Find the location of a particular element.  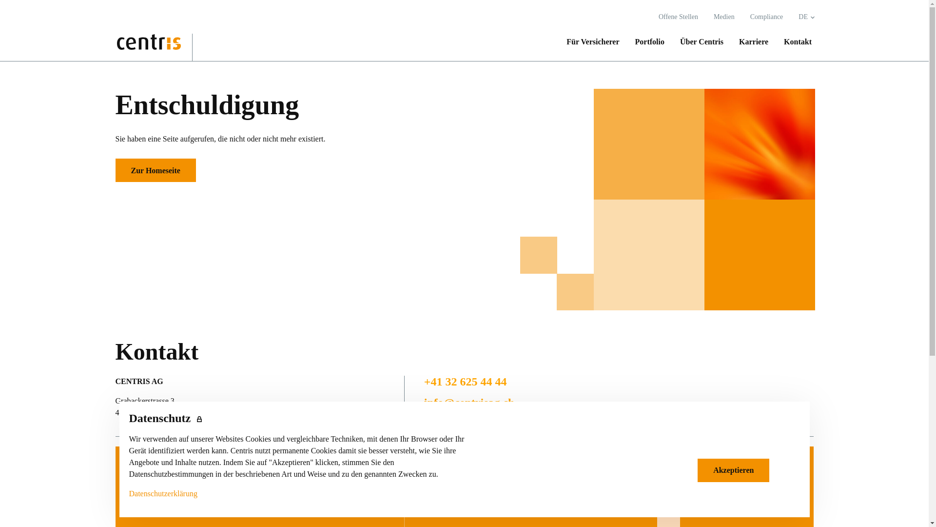

'Offene Stellen' is located at coordinates (678, 17).